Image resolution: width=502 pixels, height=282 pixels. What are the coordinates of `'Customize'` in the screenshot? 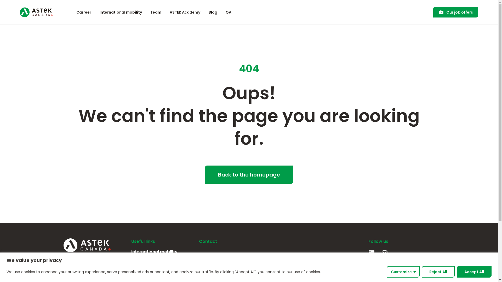 It's located at (403, 271).